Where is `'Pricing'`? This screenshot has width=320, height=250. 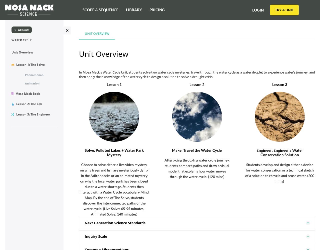
'Pricing' is located at coordinates (149, 10).